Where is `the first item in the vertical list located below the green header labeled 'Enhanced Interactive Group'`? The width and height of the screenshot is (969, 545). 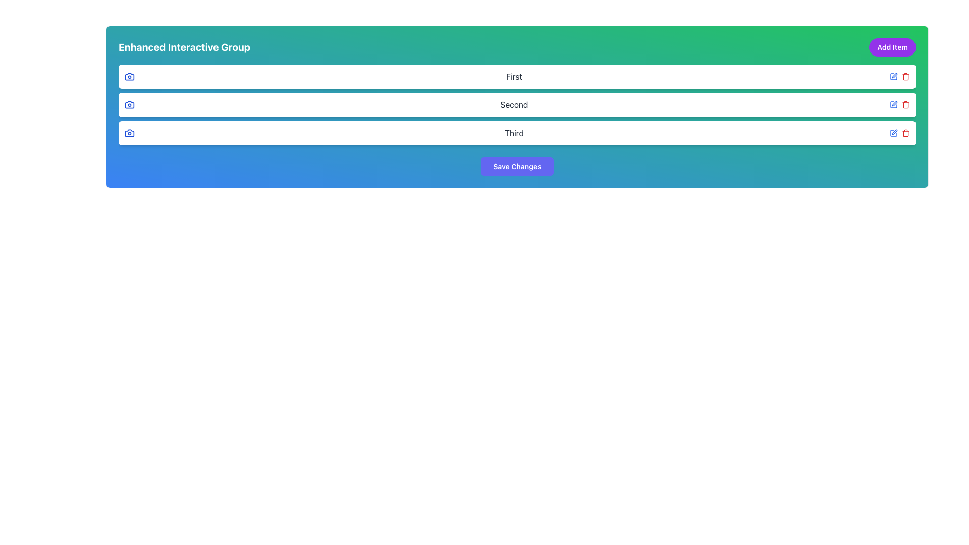 the first item in the vertical list located below the green header labeled 'Enhanced Interactive Group' is located at coordinates (517, 76).